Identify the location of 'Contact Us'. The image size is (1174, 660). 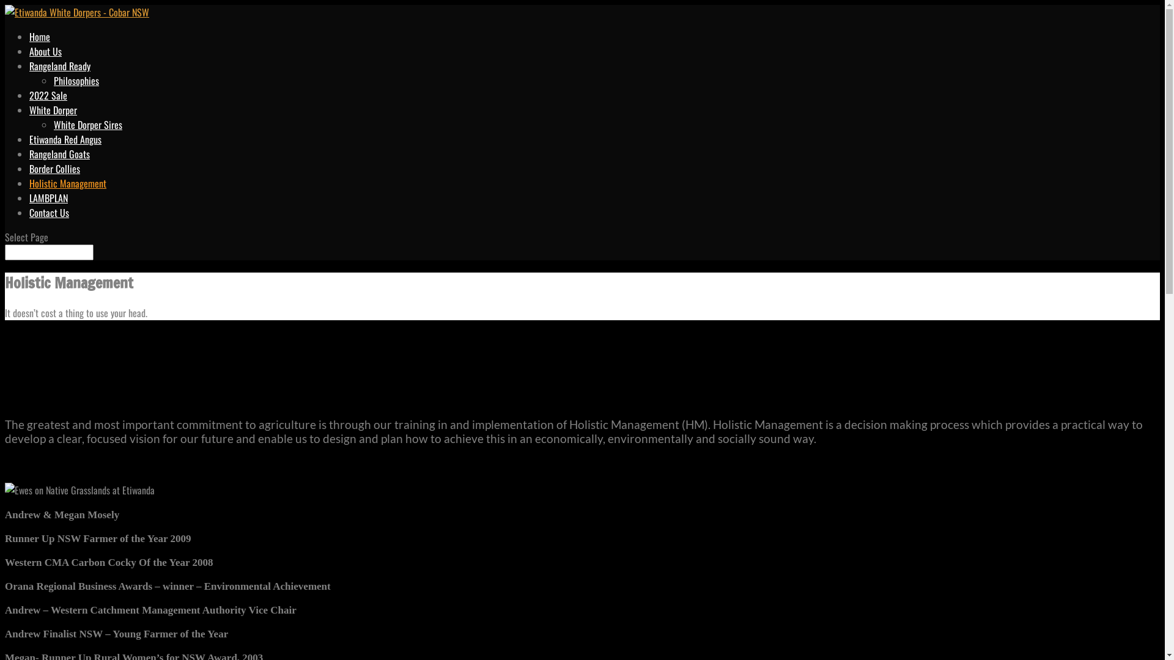
(49, 211).